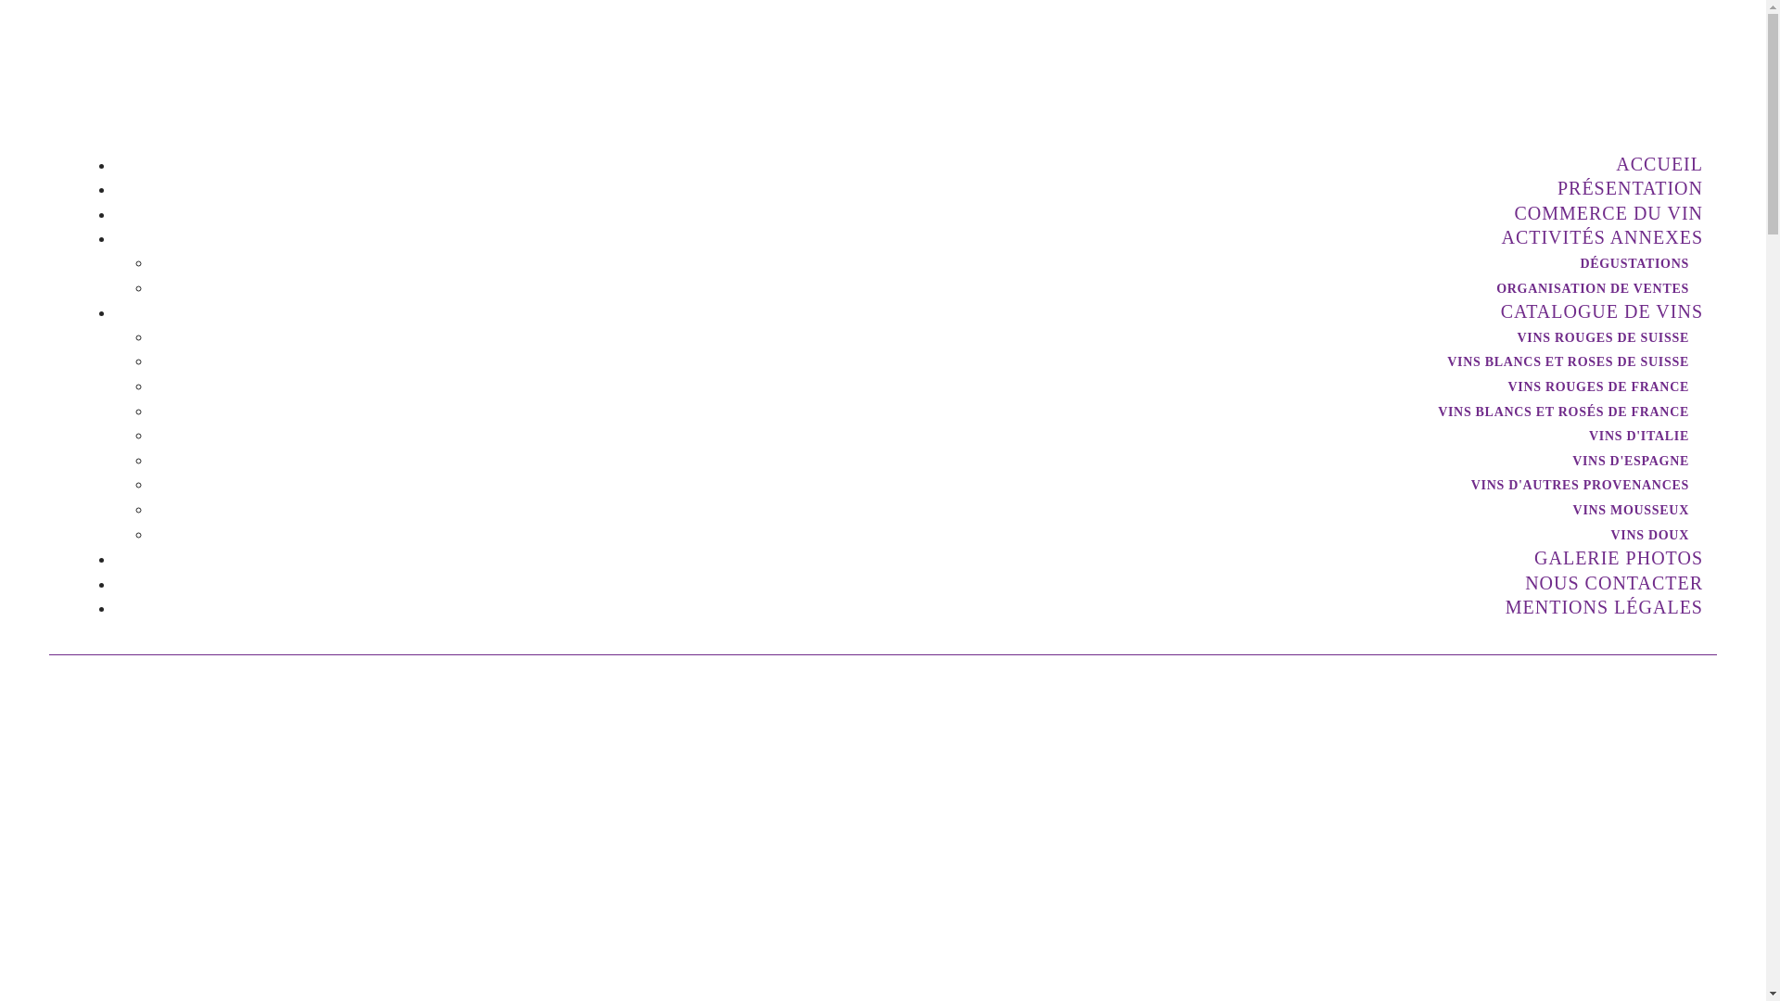 The height and width of the screenshot is (1001, 1780). I want to click on 'VINS D'ESPAGNE', so click(1624, 460).